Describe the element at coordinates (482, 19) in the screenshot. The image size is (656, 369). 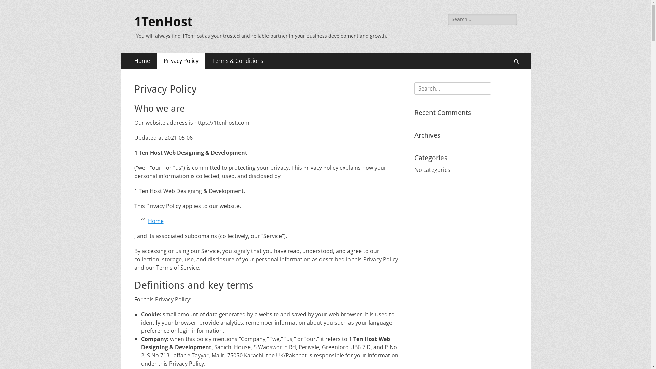
I see `'Search for:'` at that location.